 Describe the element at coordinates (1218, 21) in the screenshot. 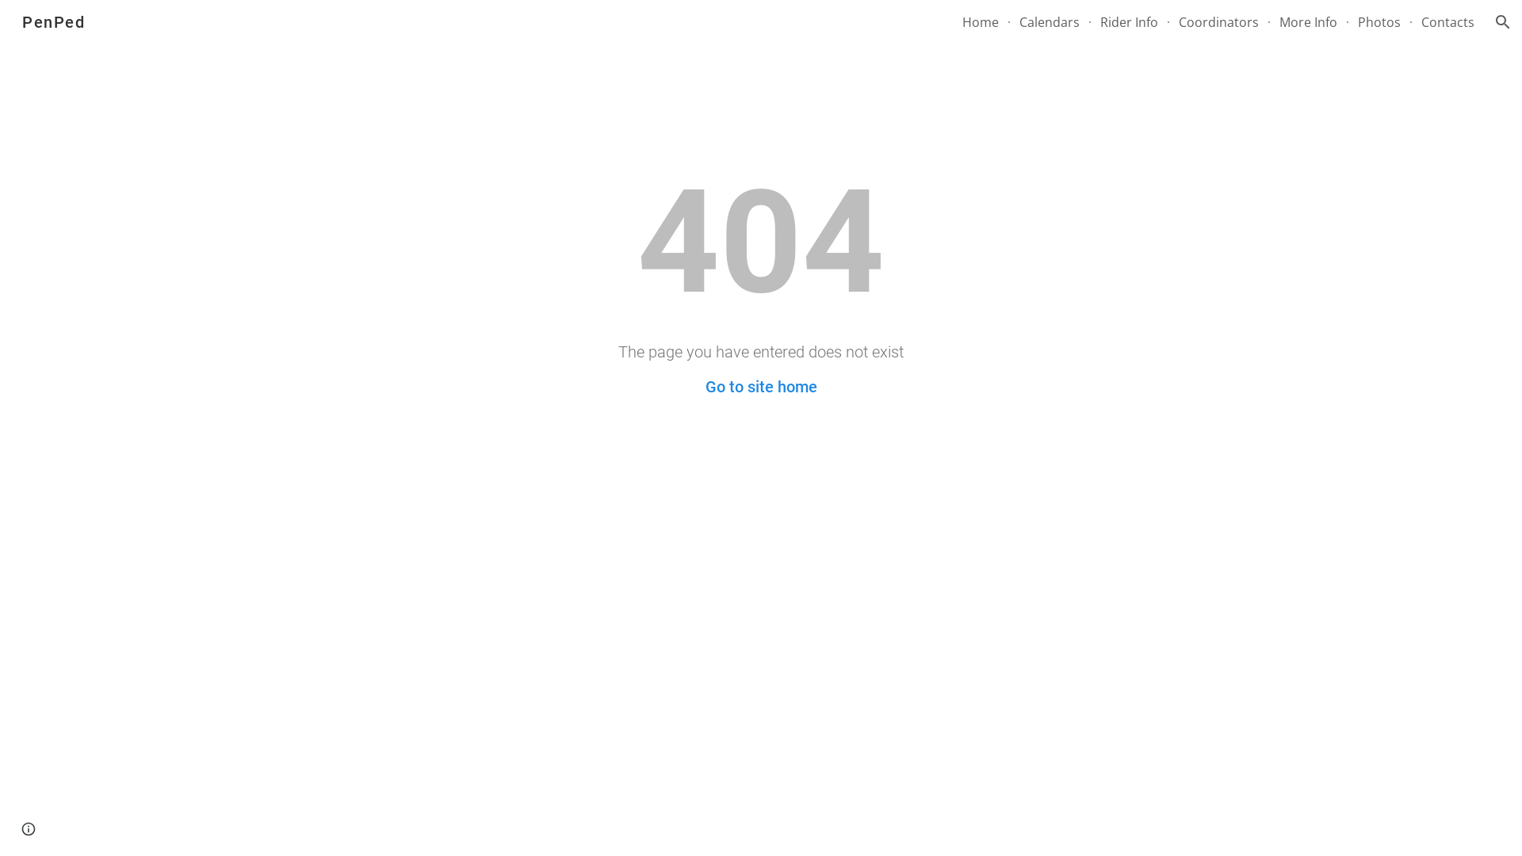

I see `'Coordinators'` at that location.